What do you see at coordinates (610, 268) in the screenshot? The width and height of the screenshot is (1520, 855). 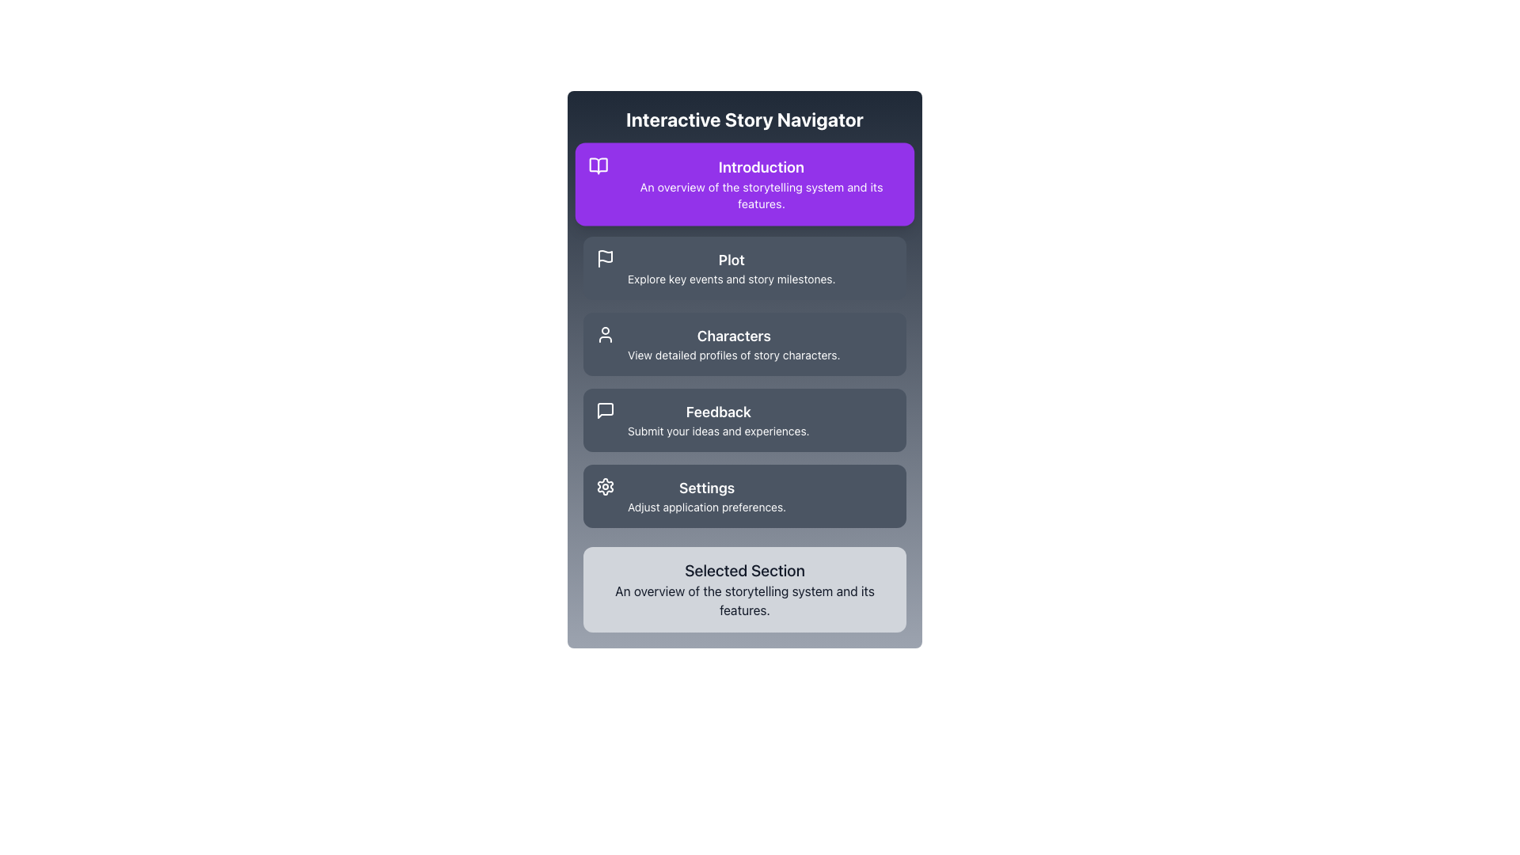 I see `the small white flag icon located in the top-left corner of the 'Plot' button, which has a dark gray background` at bounding box center [610, 268].